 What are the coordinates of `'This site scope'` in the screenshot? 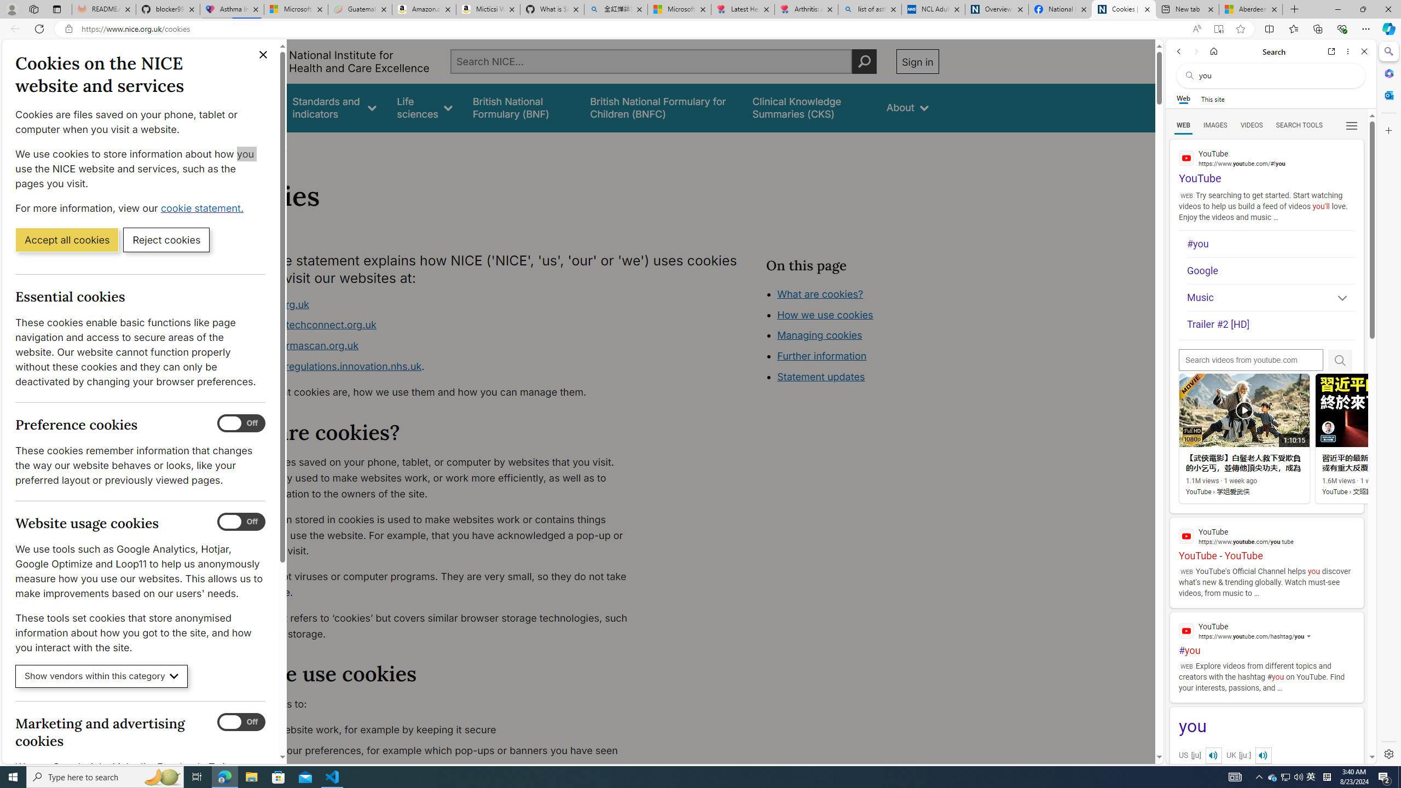 It's located at (1212, 99).